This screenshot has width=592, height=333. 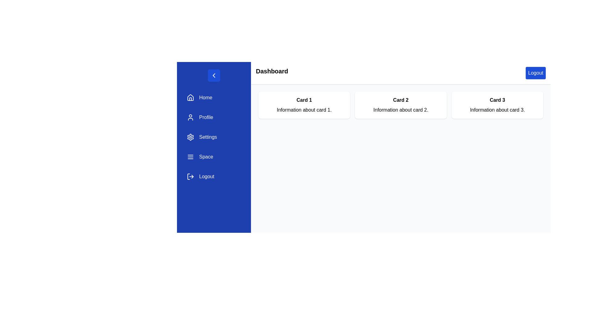 What do you see at coordinates (190, 137) in the screenshot?
I see `the settings icon located to the left of the 'Settings' text in the vertical navigation menu` at bounding box center [190, 137].